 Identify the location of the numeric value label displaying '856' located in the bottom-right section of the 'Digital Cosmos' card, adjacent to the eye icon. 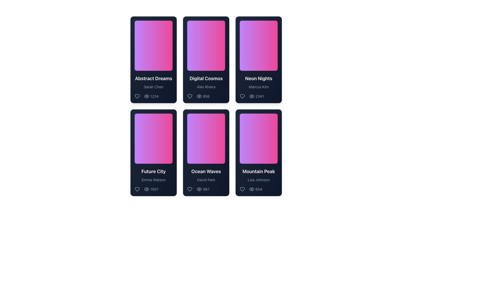
(206, 96).